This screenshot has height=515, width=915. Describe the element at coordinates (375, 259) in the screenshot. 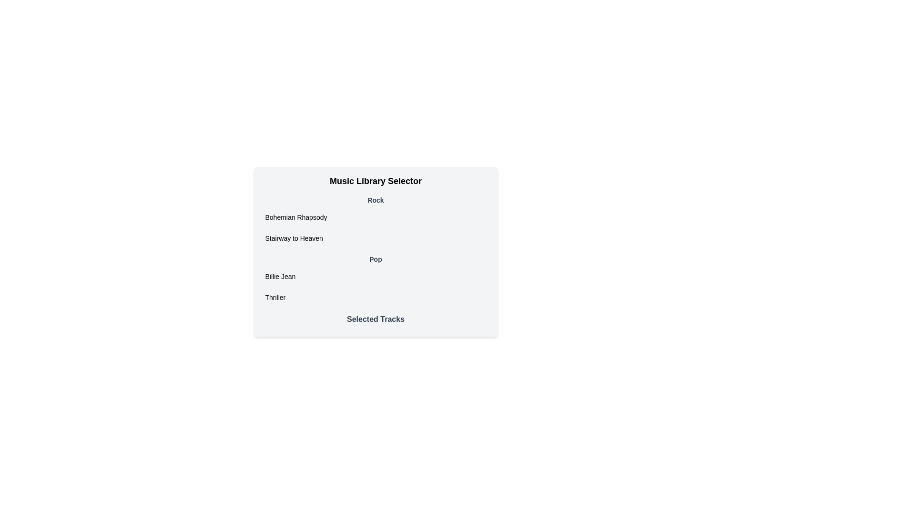

I see `the Text label that categorizes the items below it, indicating the genre of the listed songs, located above 'Billie Jean' and 'Thriller'` at that location.